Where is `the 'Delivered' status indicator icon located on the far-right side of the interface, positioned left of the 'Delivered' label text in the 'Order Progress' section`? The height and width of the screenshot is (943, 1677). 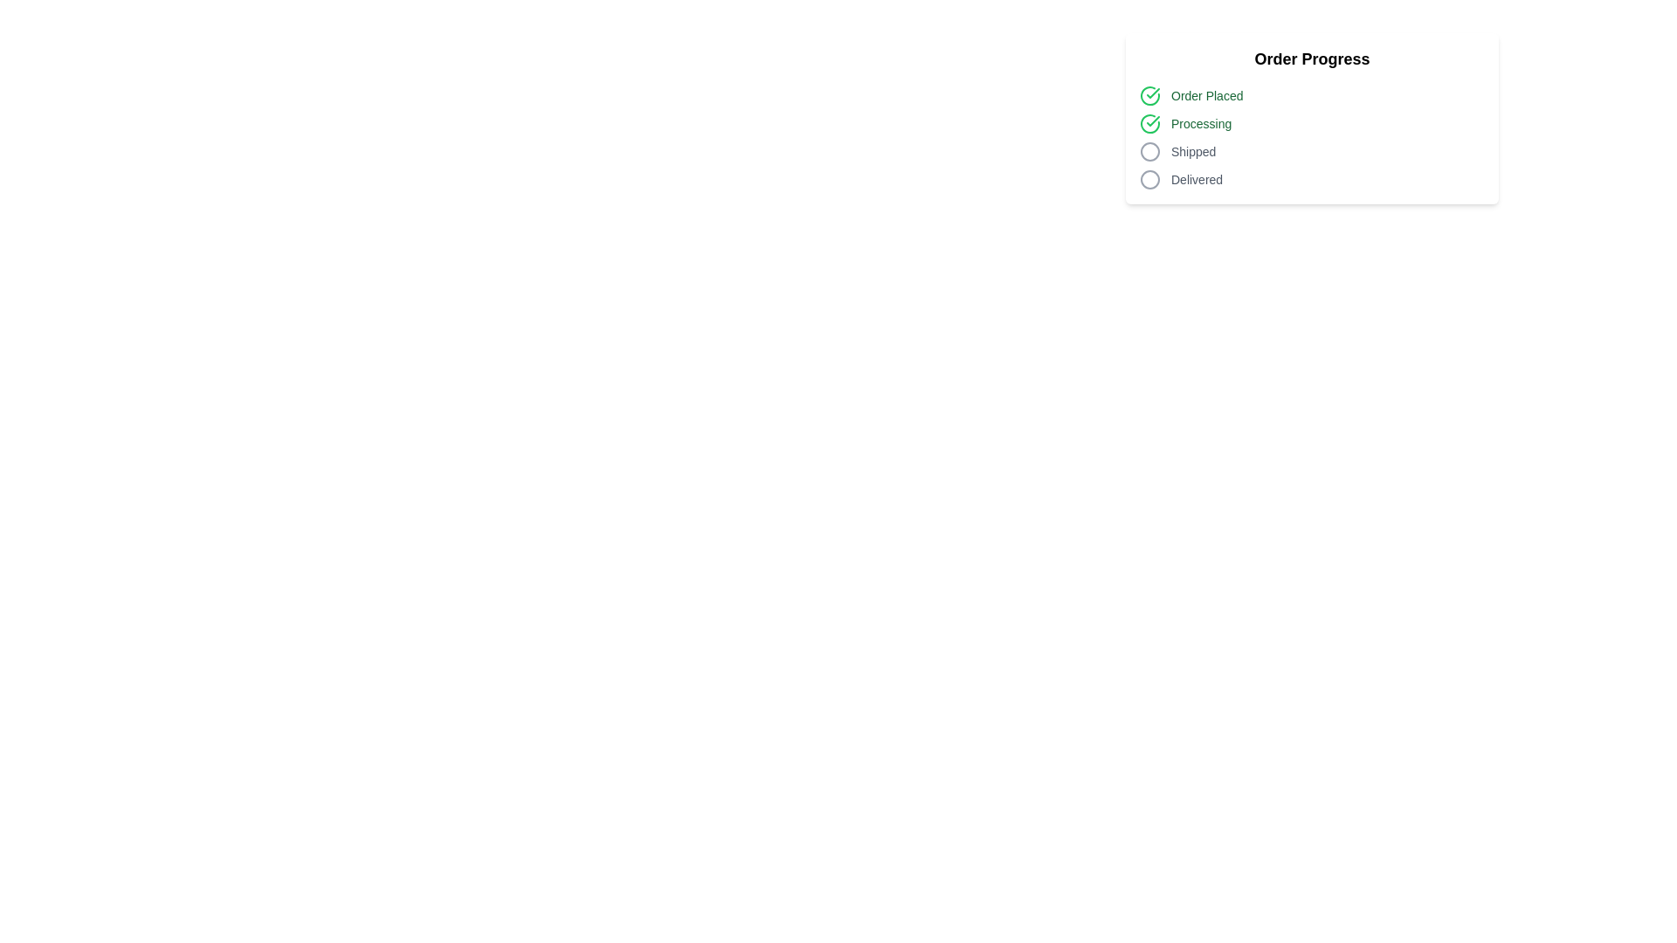 the 'Delivered' status indicator icon located on the far-right side of the interface, positioned left of the 'Delivered' label text in the 'Order Progress' section is located at coordinates (1149, 179).